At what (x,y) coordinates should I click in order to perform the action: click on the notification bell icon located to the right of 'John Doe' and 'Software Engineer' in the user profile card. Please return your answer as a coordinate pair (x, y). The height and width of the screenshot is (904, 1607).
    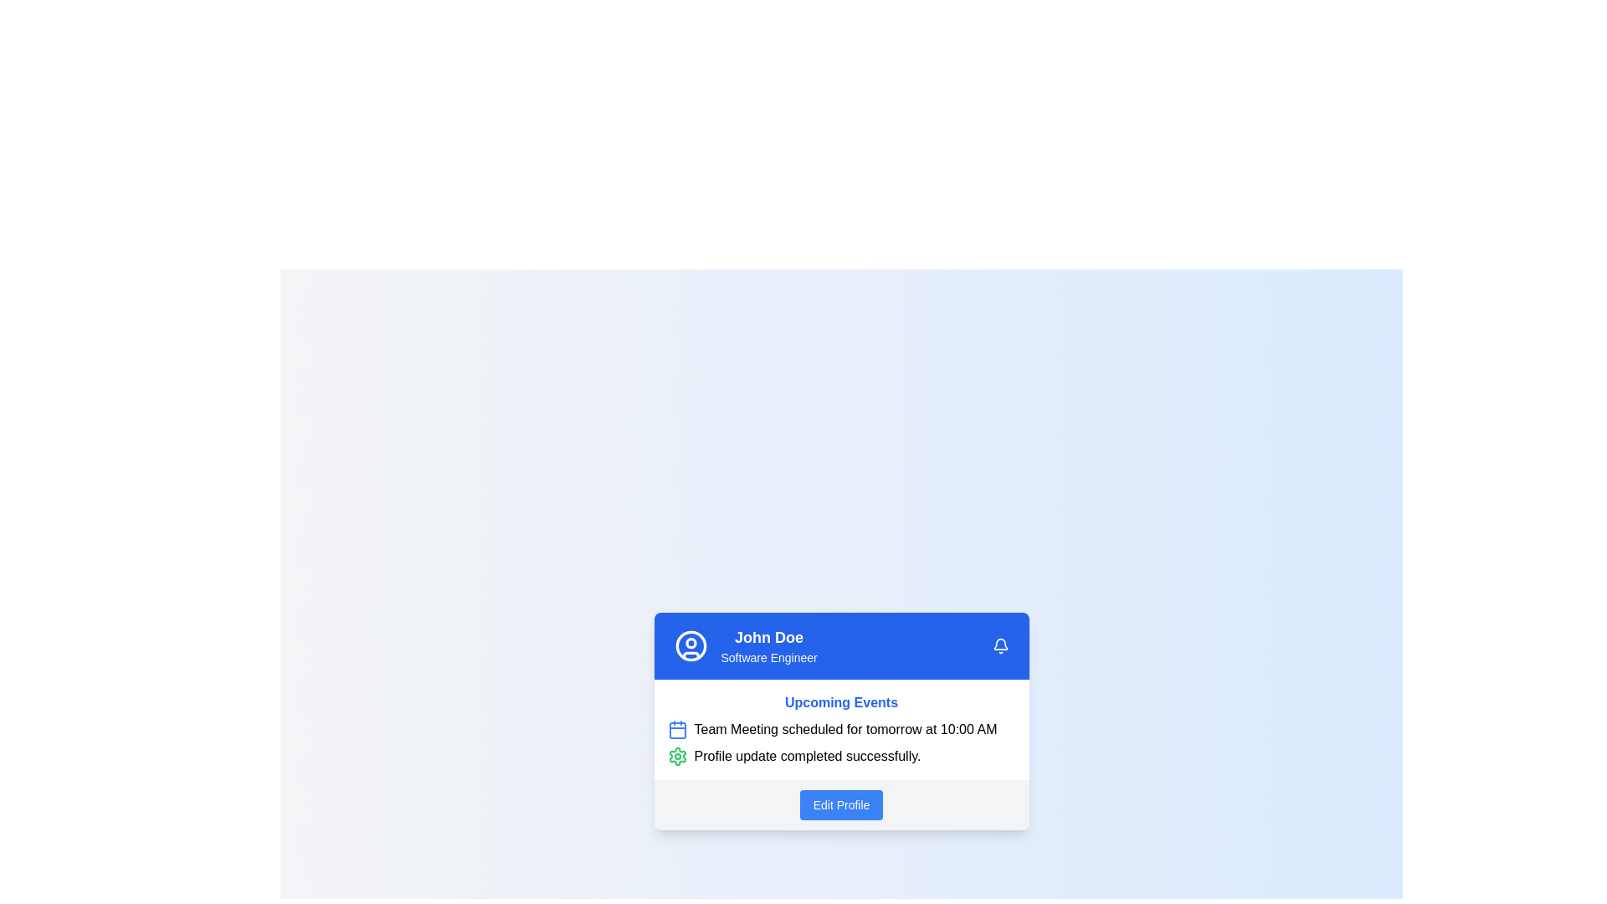
    Looking at the image, I should click on (1000, 643).